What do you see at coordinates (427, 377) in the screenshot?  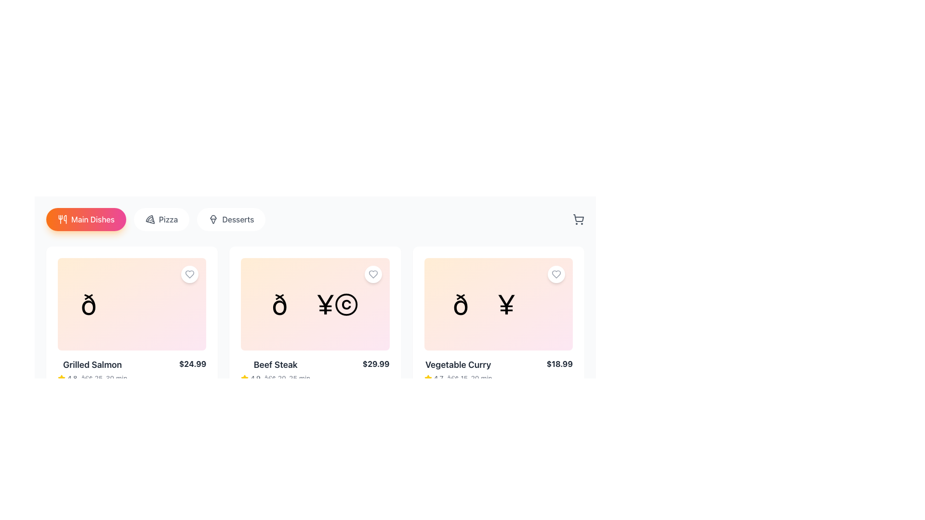 I see `the star icon in the bottom left corner of the 'Vegetable Curry' card to interact with the rating or favorite system` at bounding box center [427, 377].